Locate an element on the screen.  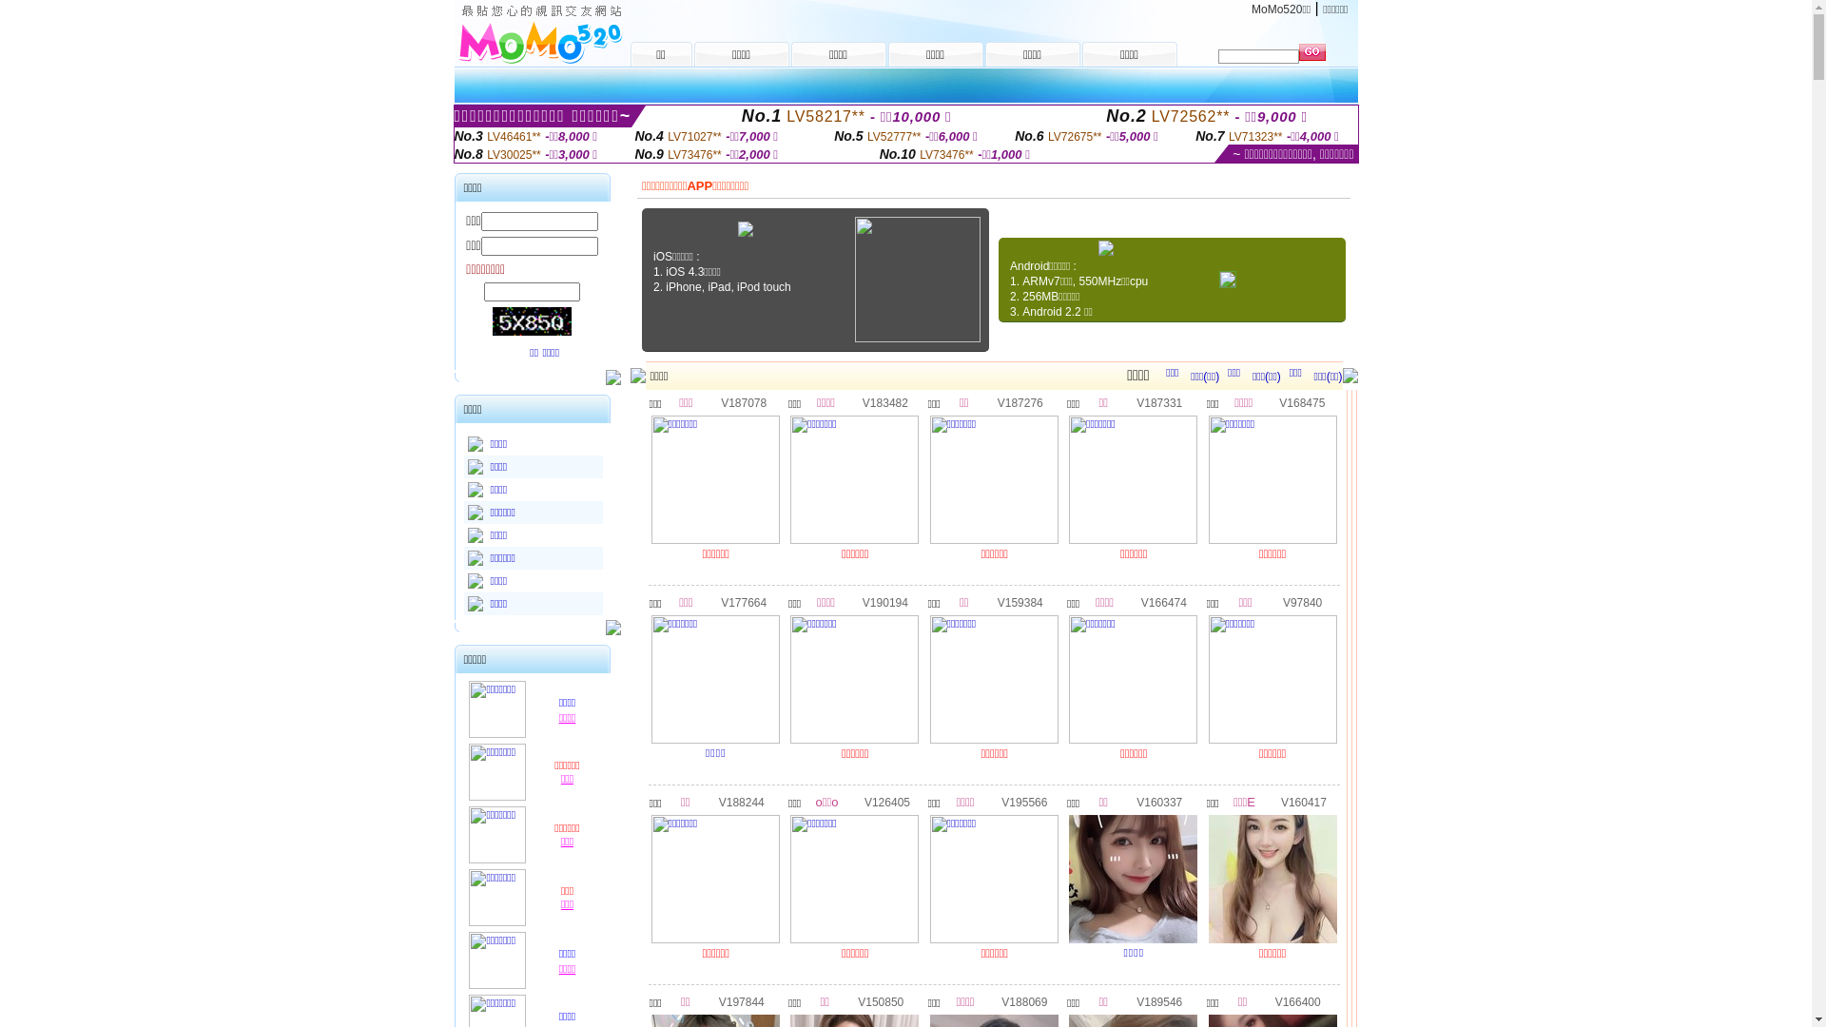
'V166474' is located at coordinates (1163, 601).